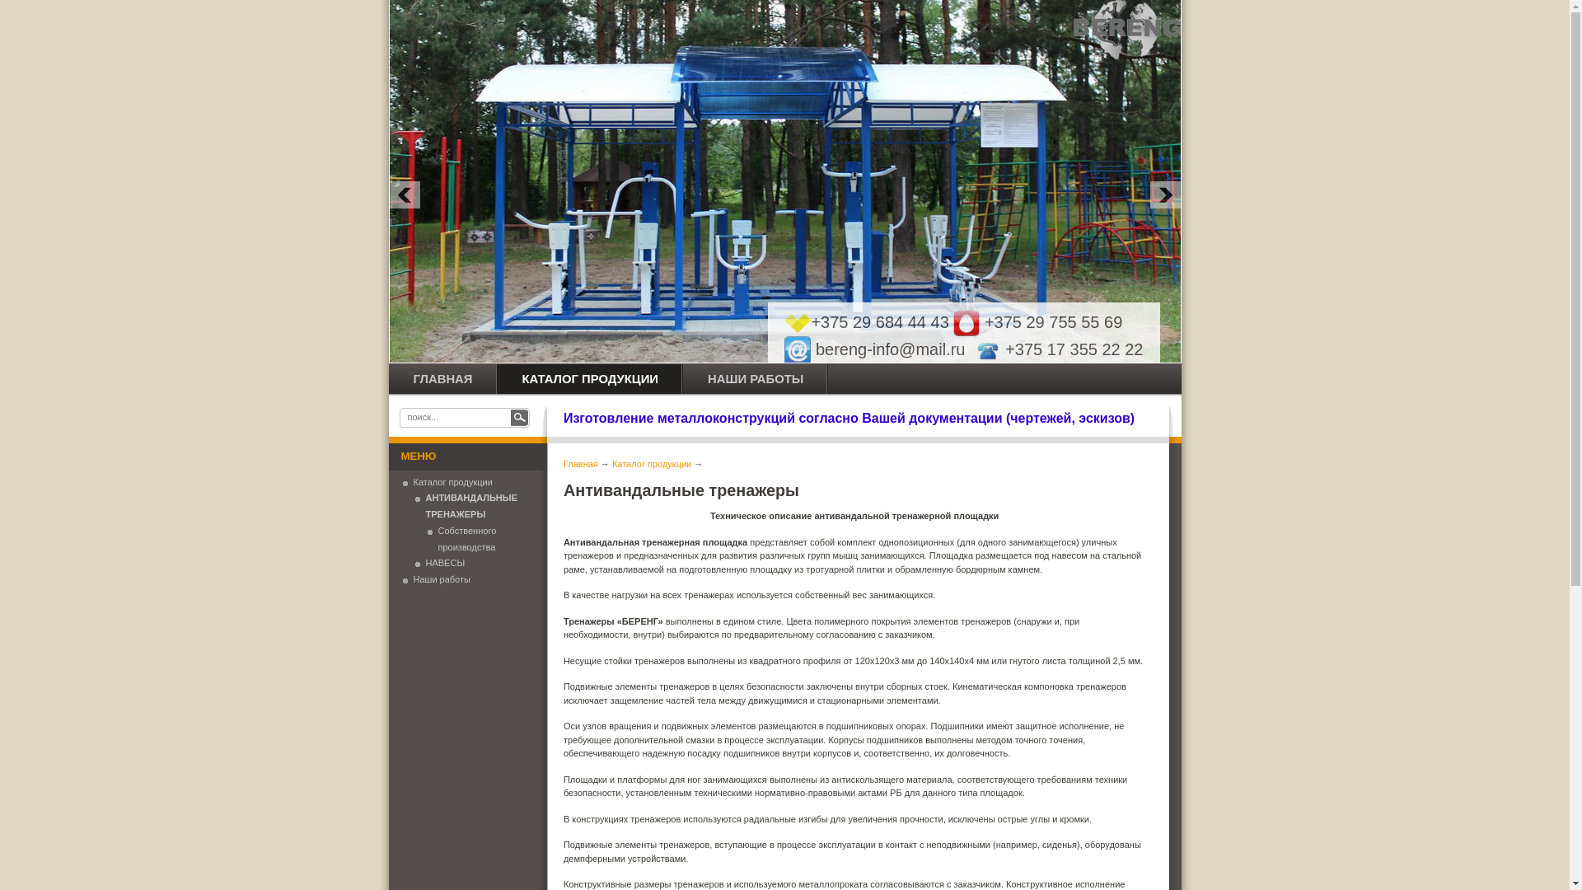 Image resolution: width=1582 pixels, height=890 pixels. Describe the element at coordinates (518, 415) in the screenshot. I see `' '` at that location.